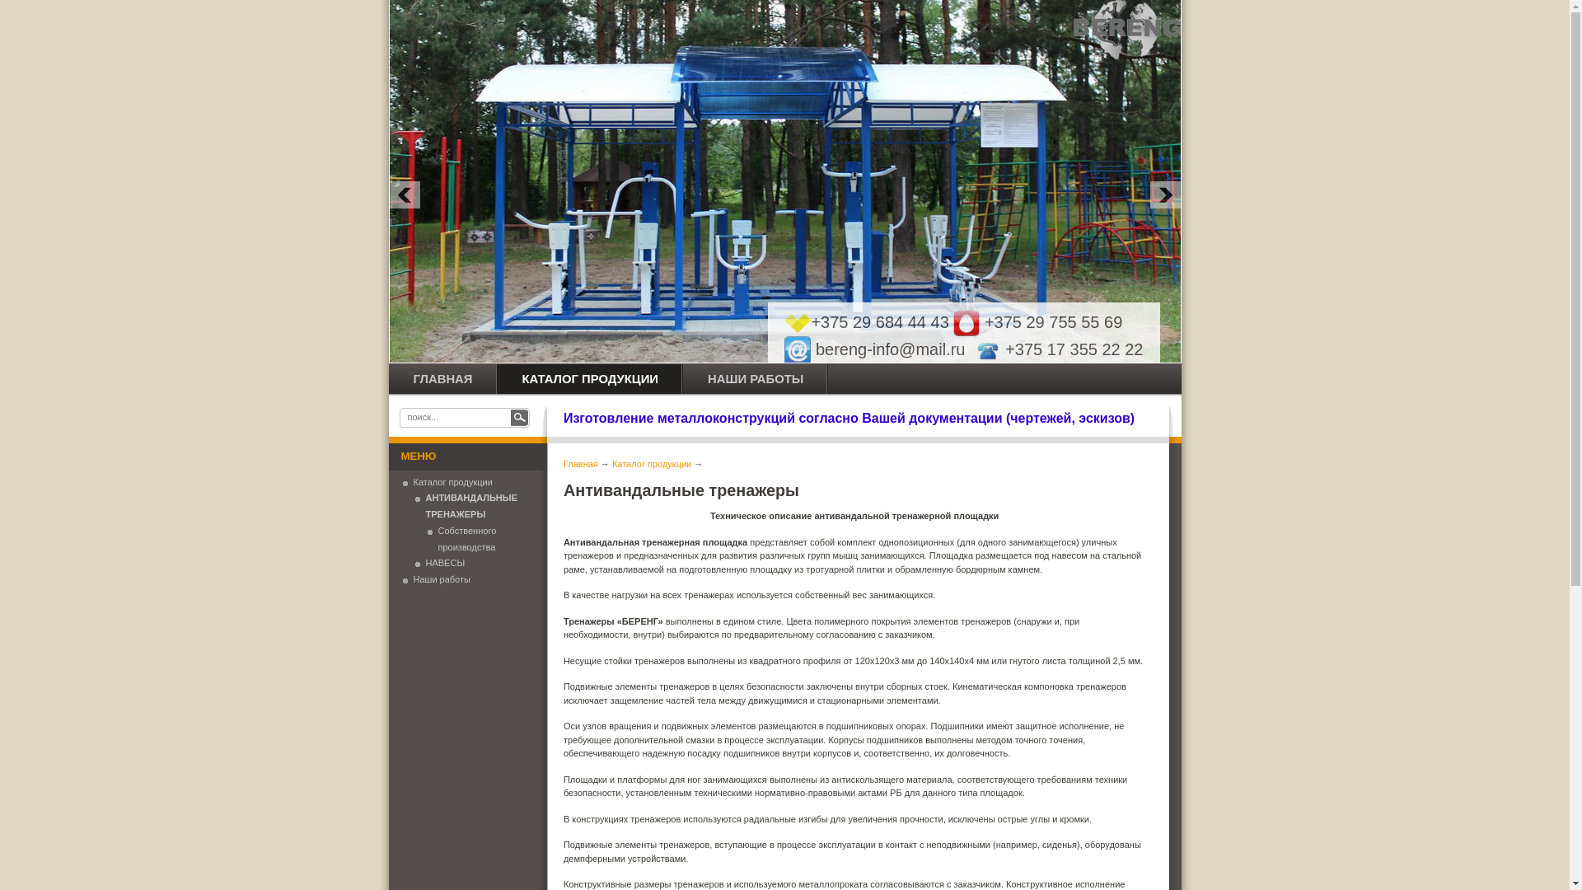 Image resolution: width=1582 pixels, height=890 pixels. Describe the element at coordinates (518, 415) in the screenshot. I see `' '` at that location.